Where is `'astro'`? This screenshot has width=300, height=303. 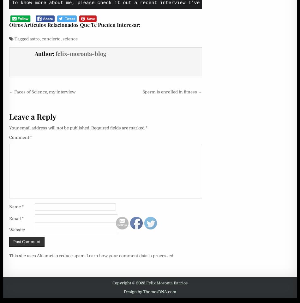
'astro' is located at coordinates (34, 38).